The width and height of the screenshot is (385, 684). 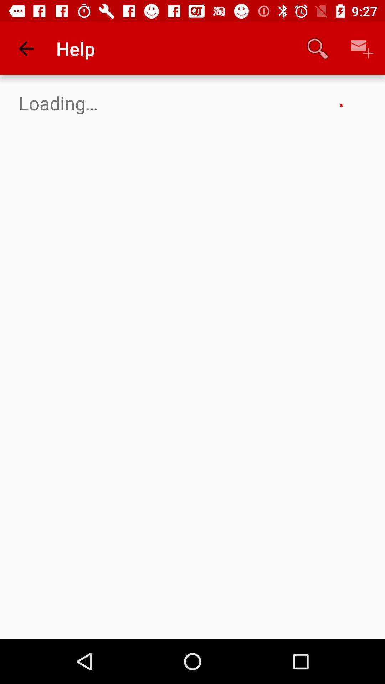 I want to click on icon next to the help item, so click(x=26, y=48).